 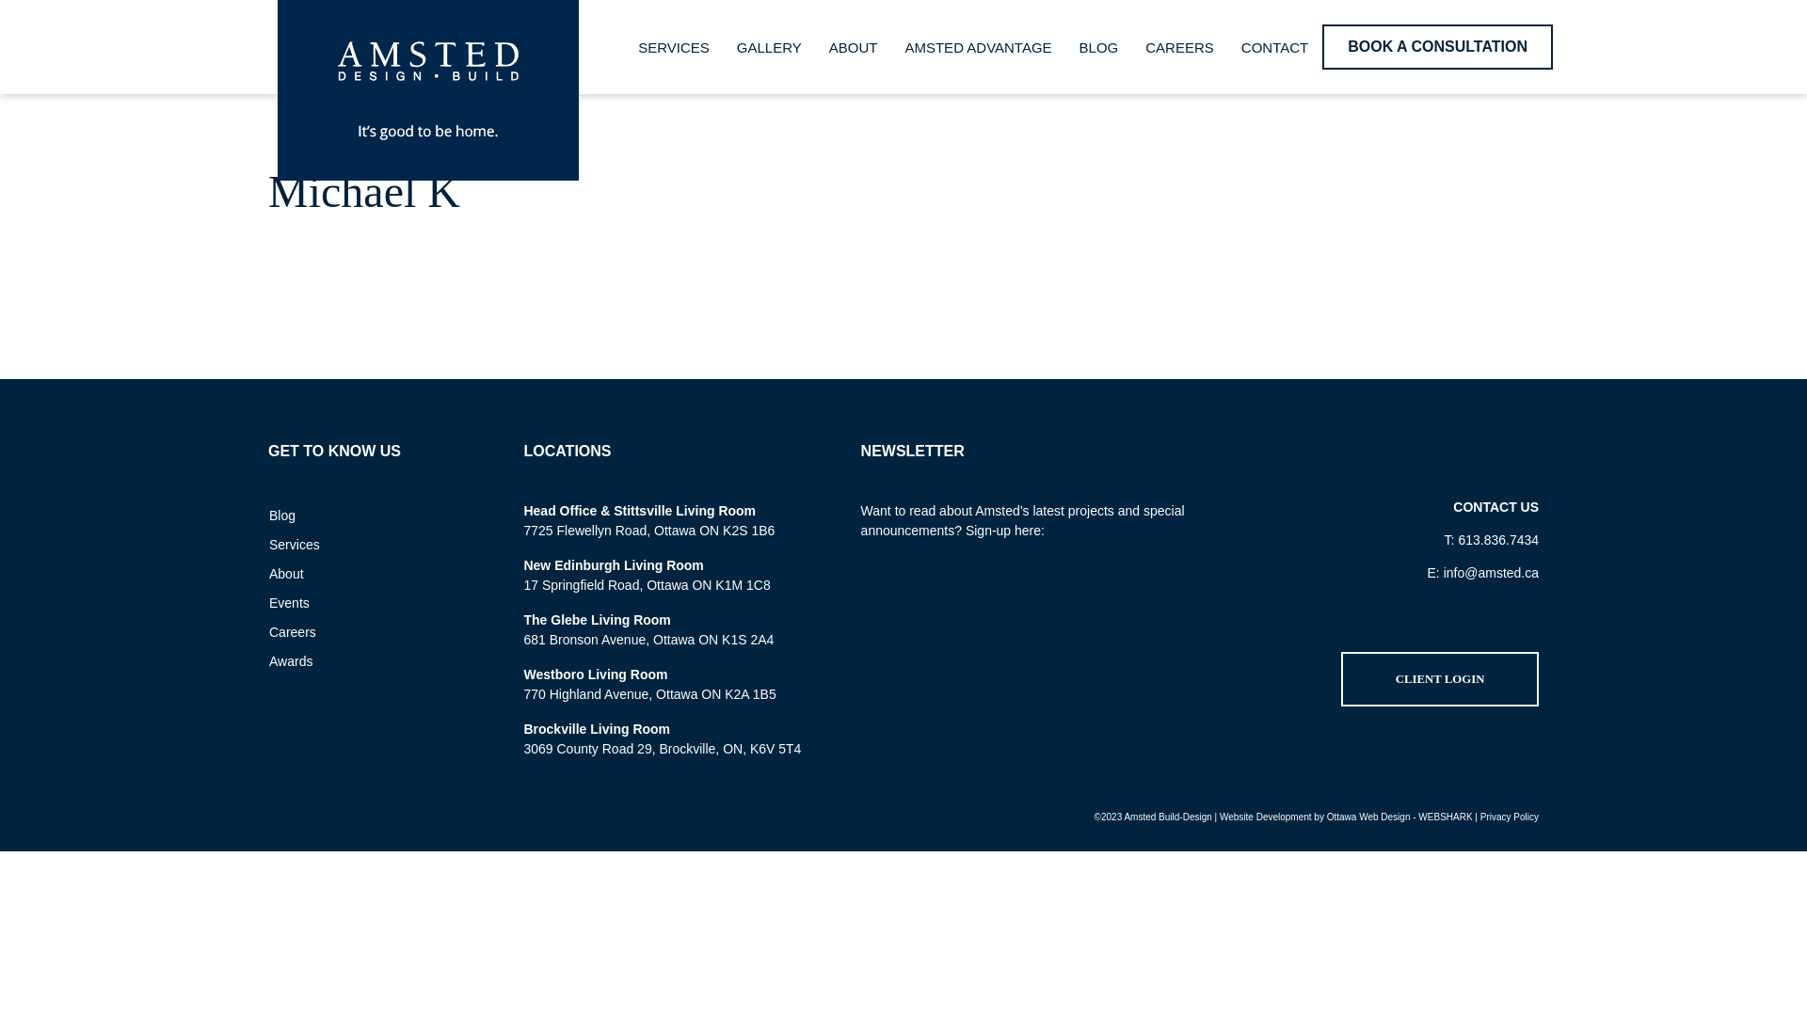 I want to click on 'About', so click(x=365, y=572).